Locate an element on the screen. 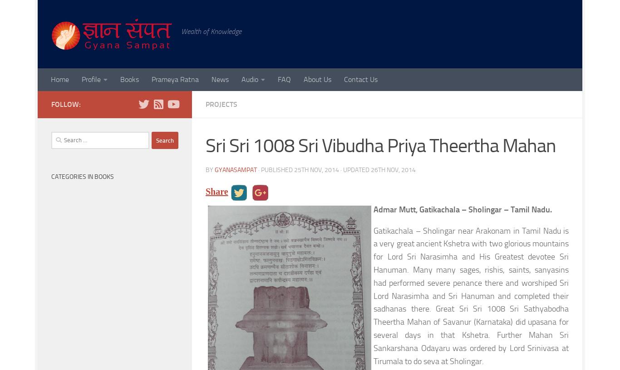 Image resolution: width=620 pixels, height=370 pixels. 'Prameya Ratna' is located at coordinates (151, 79).